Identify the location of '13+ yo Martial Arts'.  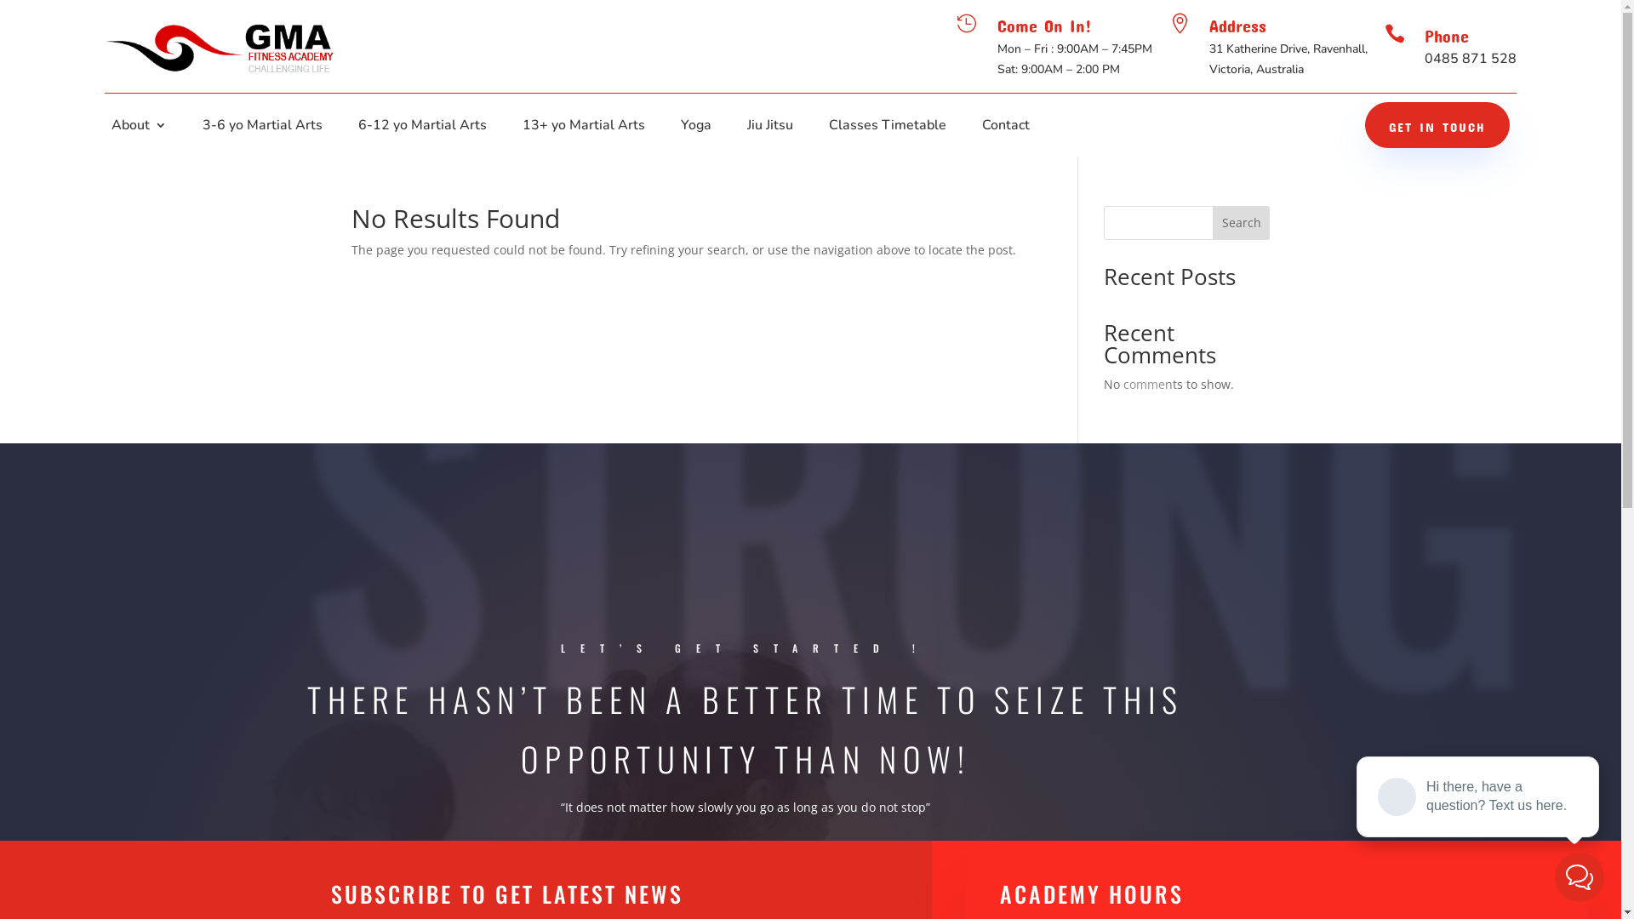
(584, 127).